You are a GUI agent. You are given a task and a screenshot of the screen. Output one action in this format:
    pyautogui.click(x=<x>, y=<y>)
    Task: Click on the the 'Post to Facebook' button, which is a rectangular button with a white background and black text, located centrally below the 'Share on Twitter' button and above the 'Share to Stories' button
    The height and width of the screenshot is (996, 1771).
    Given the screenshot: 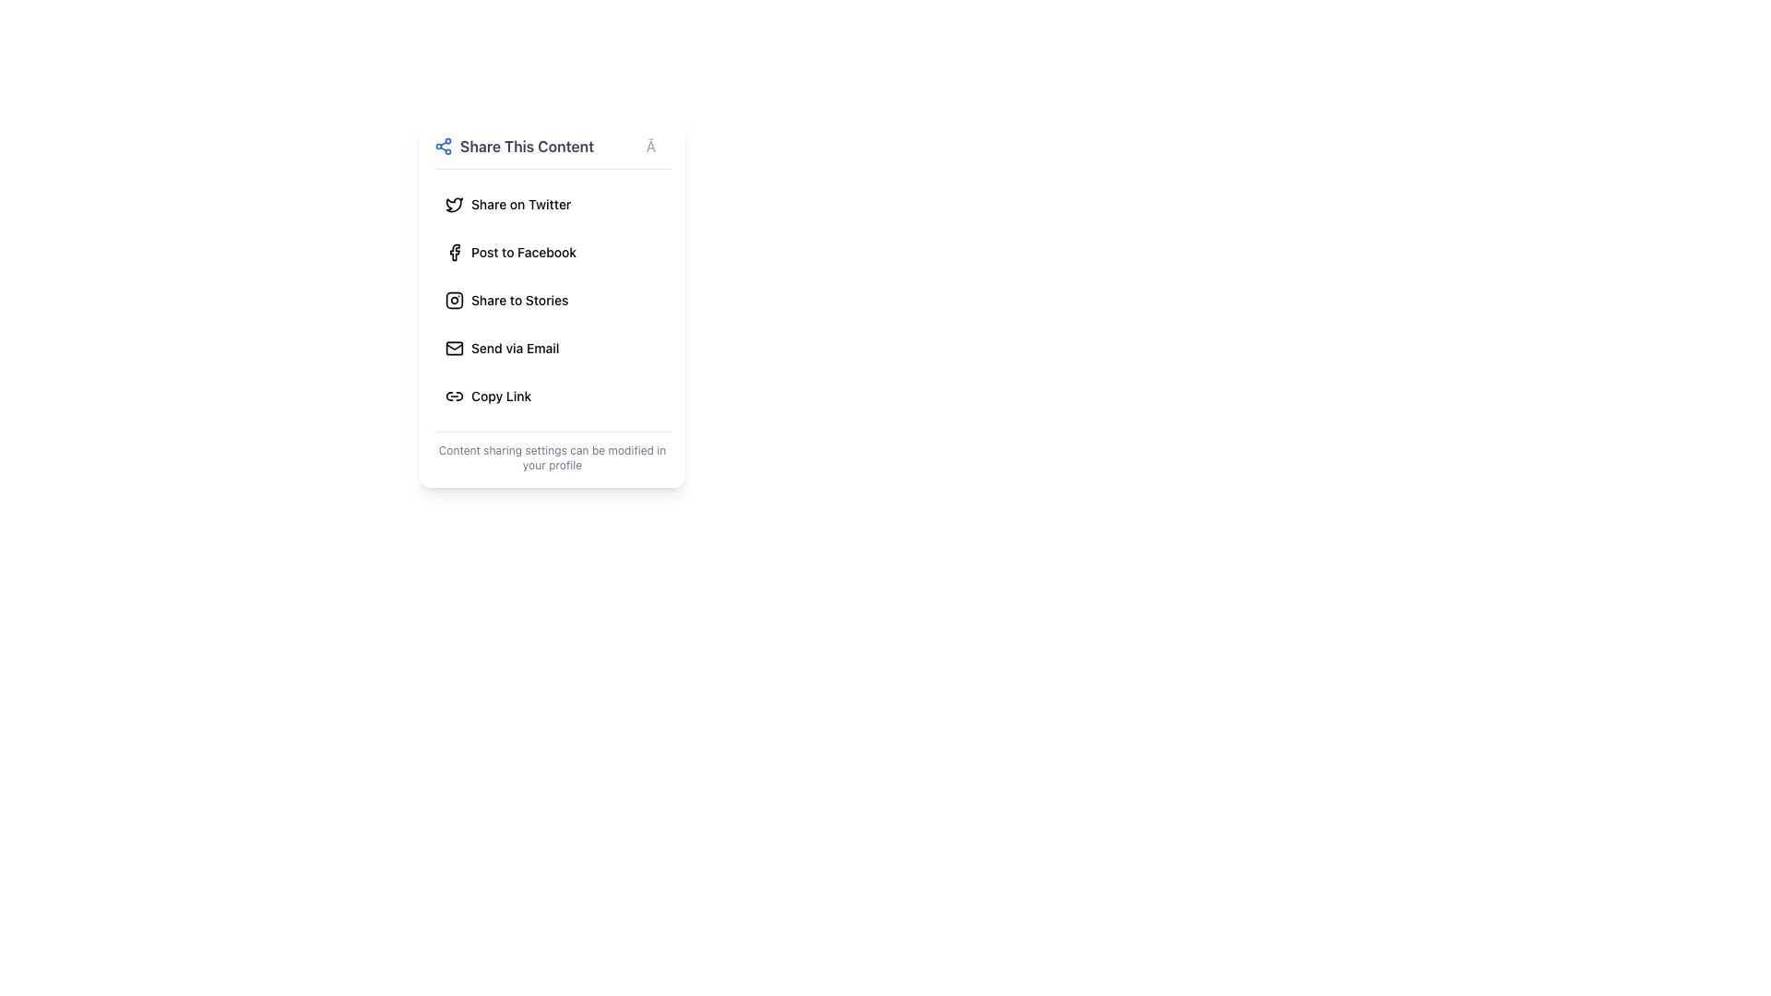 What is the action you would take?
    pyautogui.click(x=552, y=252)
    